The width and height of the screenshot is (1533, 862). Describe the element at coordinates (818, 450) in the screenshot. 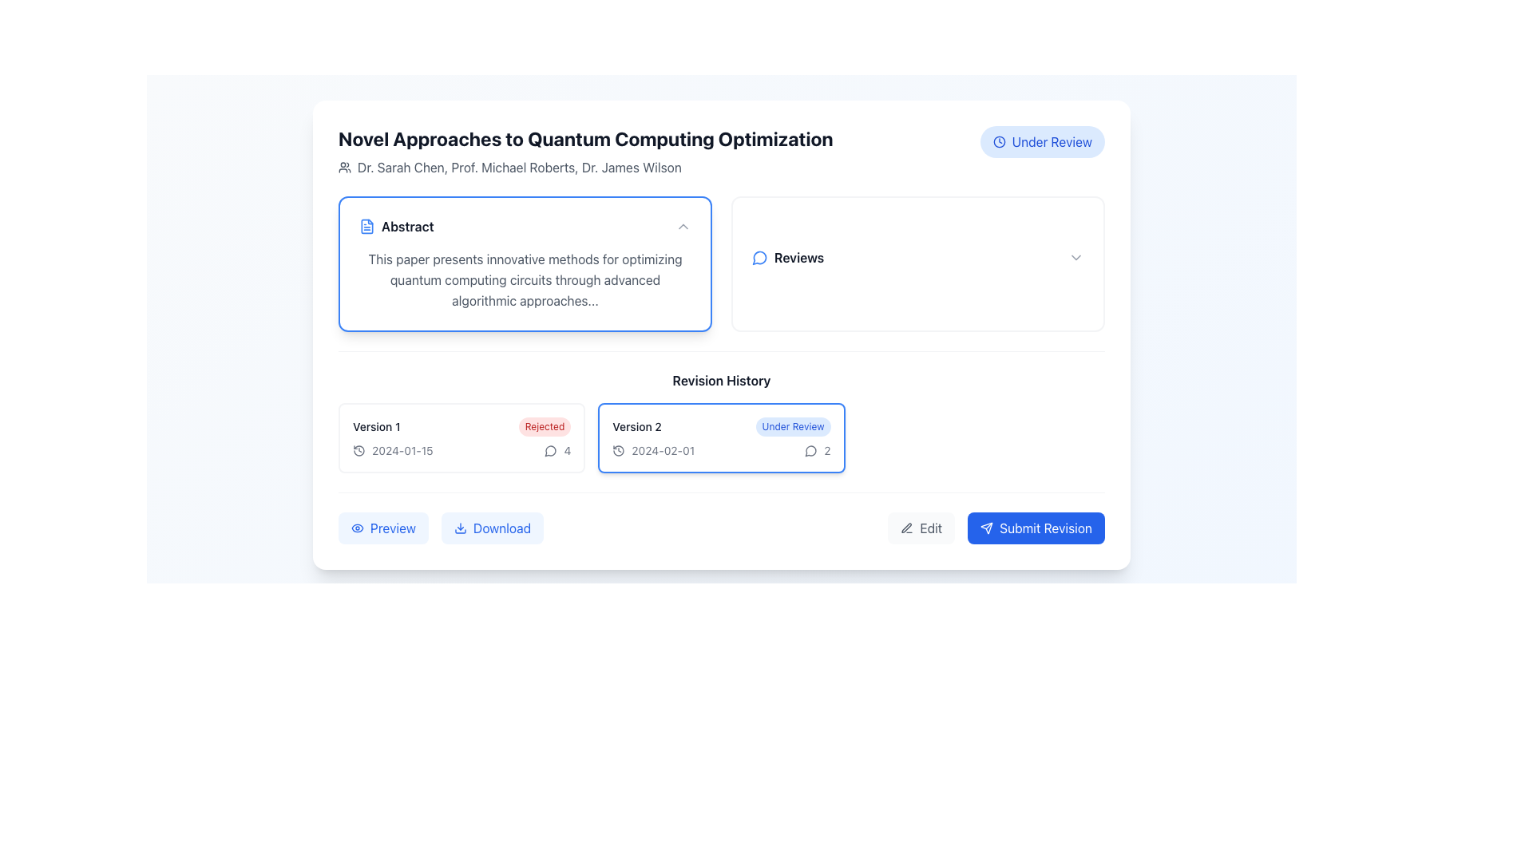

I see `the textual indicator displaying the number '2' next to a speech bubble icon at the bottom right corner of the 'Version 2' card in the 'Revision History' section` at that location.